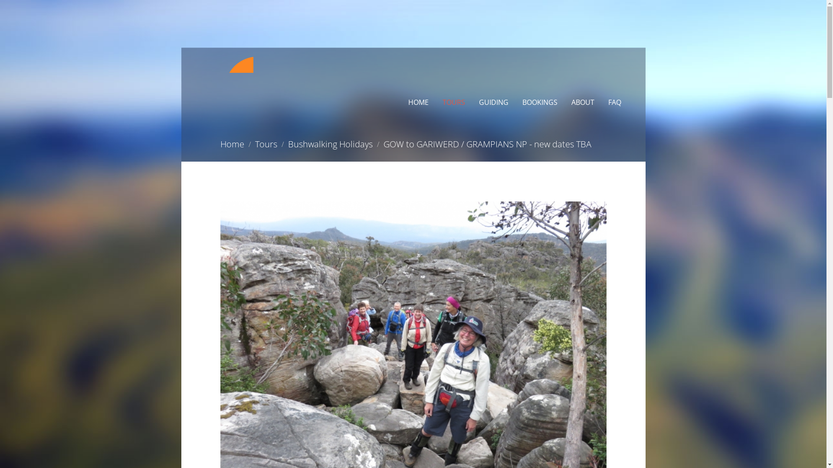 The image size is (833, 468). What do you see at coordinates (539, 101) in the screenshot?
I see `'BOOKINGS'` at bounding box center [539, 101].